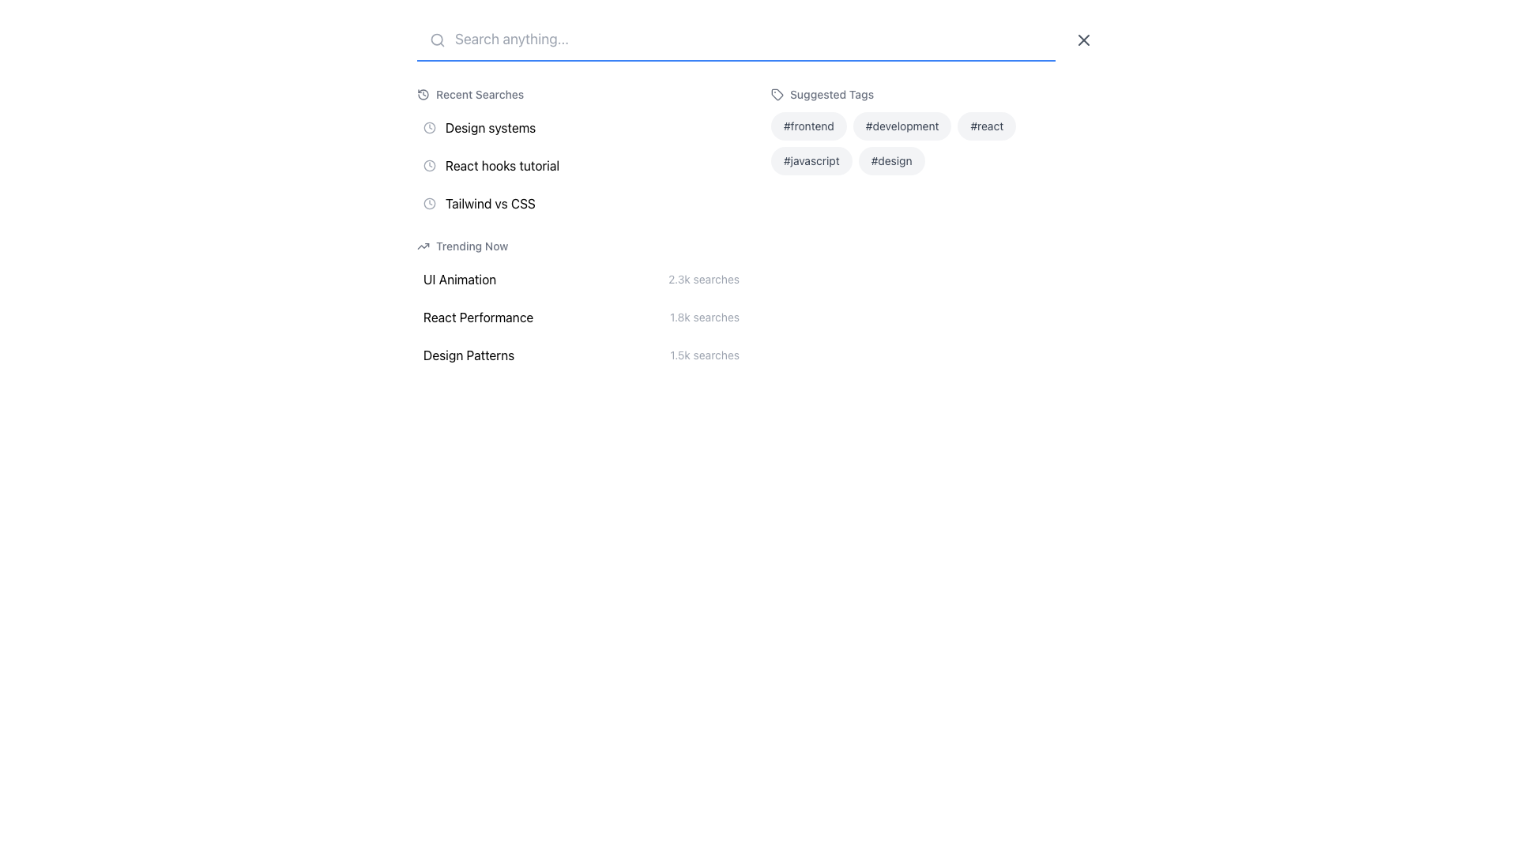  What do you see at coordinates (1083, 39) in the screenshot?
I see `the small, round button with a centered gray 'X' icon located at the top-right corner of the interface` at bounding box center [1083, 39].